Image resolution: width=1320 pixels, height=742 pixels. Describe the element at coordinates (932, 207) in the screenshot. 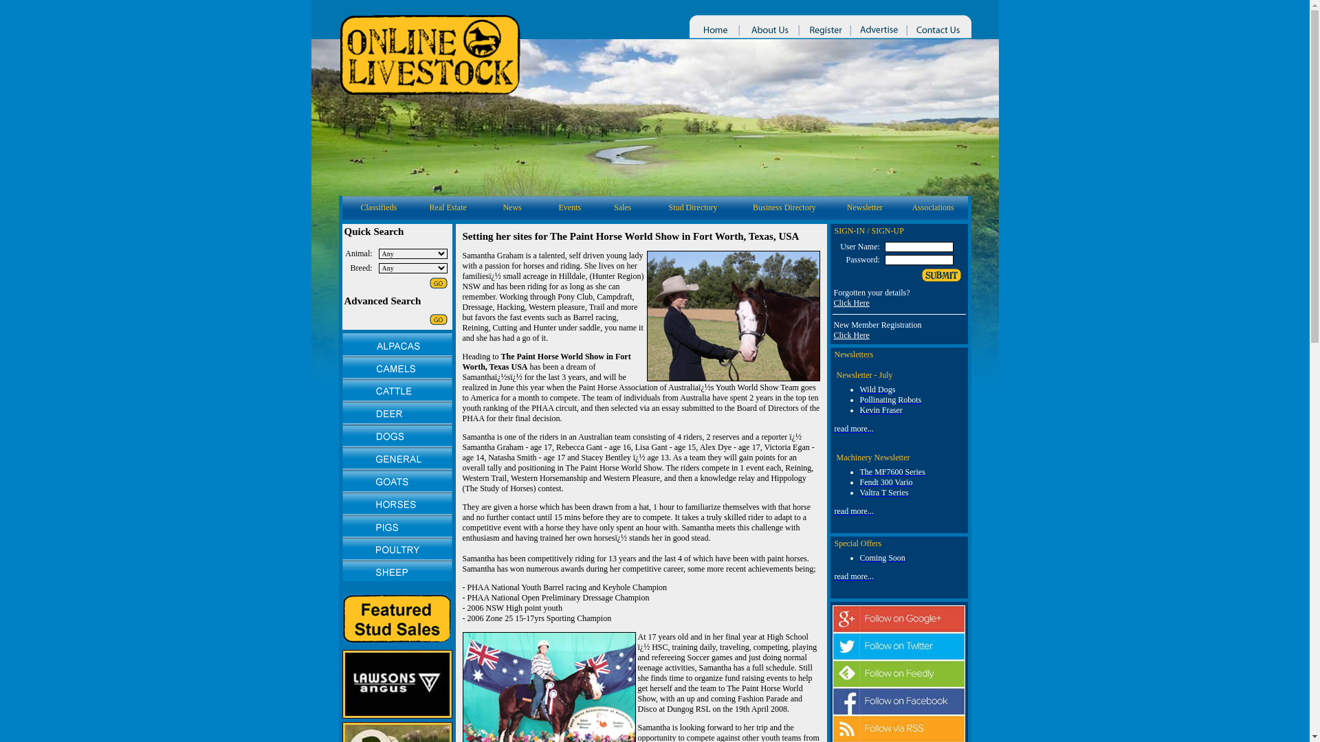

I see `'Associations'` at that location.